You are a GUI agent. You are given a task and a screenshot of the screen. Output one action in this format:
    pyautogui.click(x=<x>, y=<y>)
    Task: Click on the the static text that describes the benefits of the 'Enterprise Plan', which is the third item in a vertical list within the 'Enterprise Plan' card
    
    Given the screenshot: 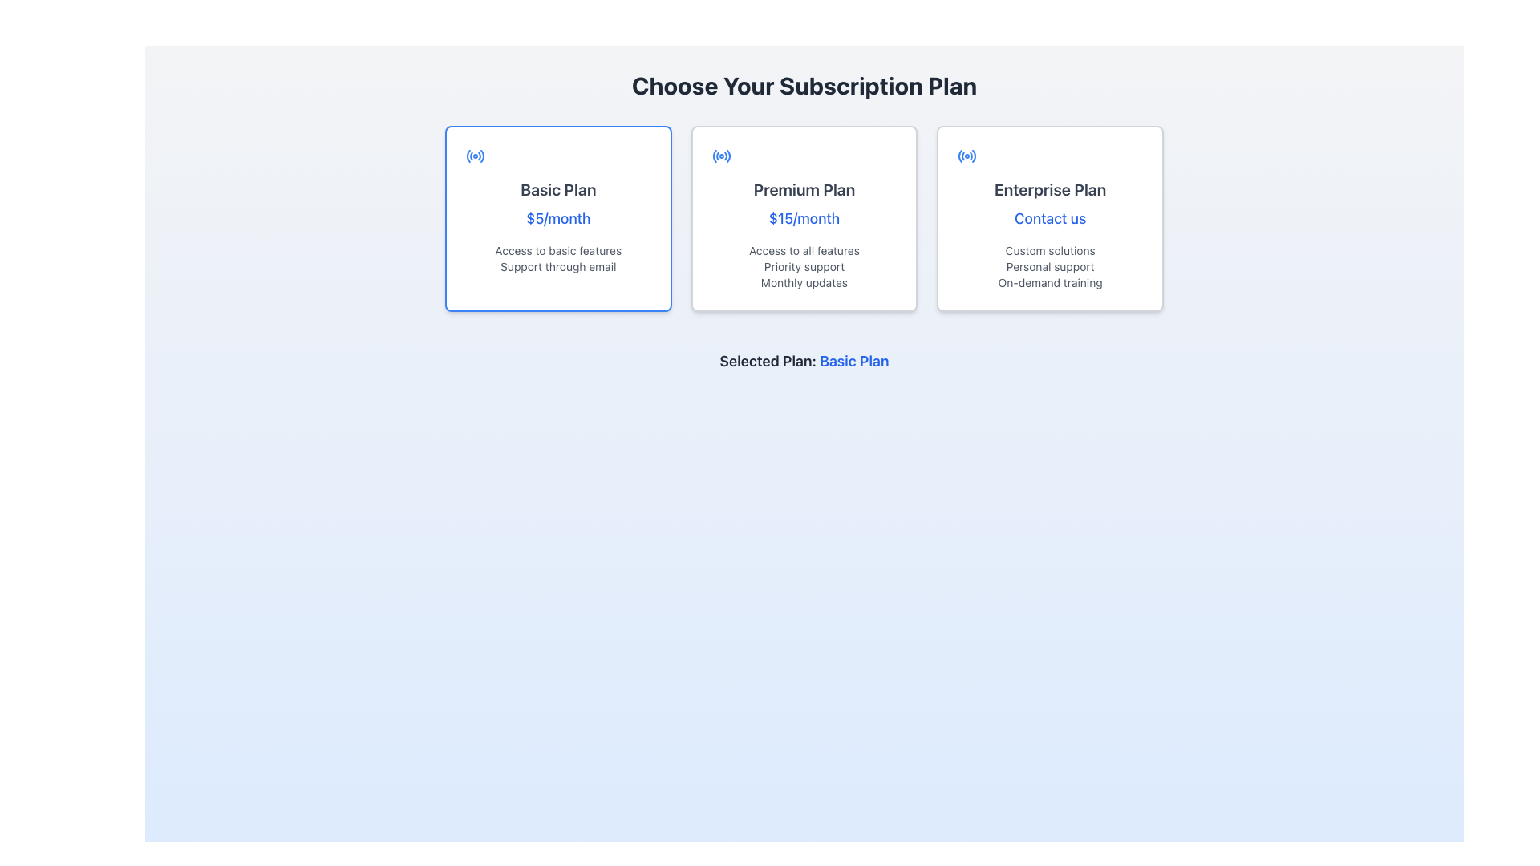 What is the action you would take?
    pyautogui.click(x=1050, y=282)
    